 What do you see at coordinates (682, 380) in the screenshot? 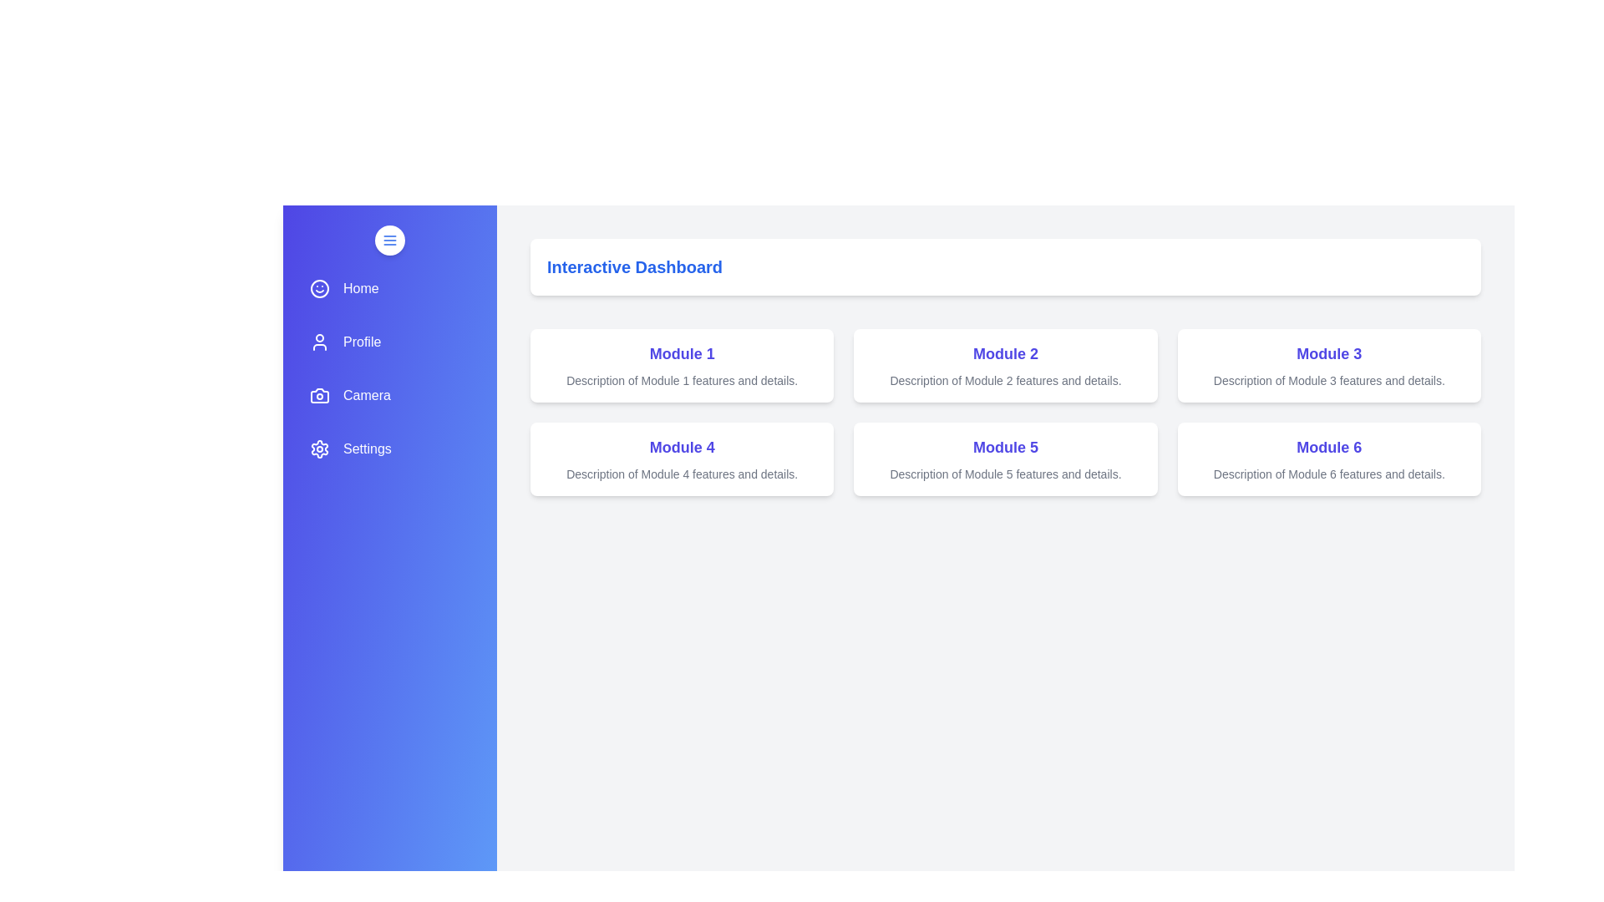
I see `the Text label that provides additional details about Module 1, located below the title 'Module 1' in the first row and first column of the module grid` at bounding box center [682, 380].